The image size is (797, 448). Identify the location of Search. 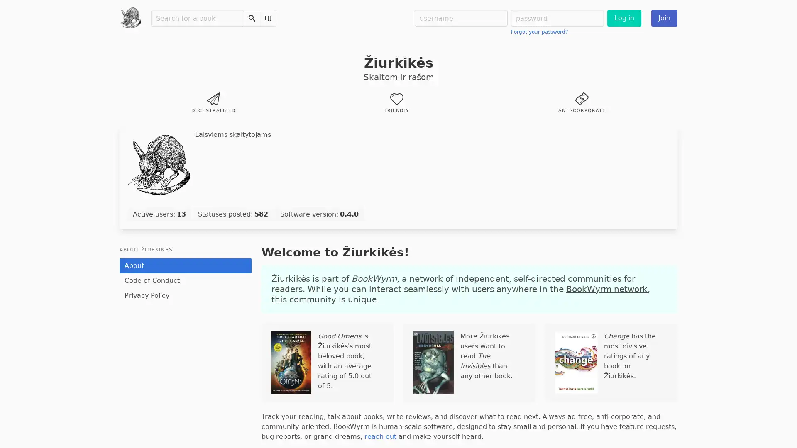
(251, 18).